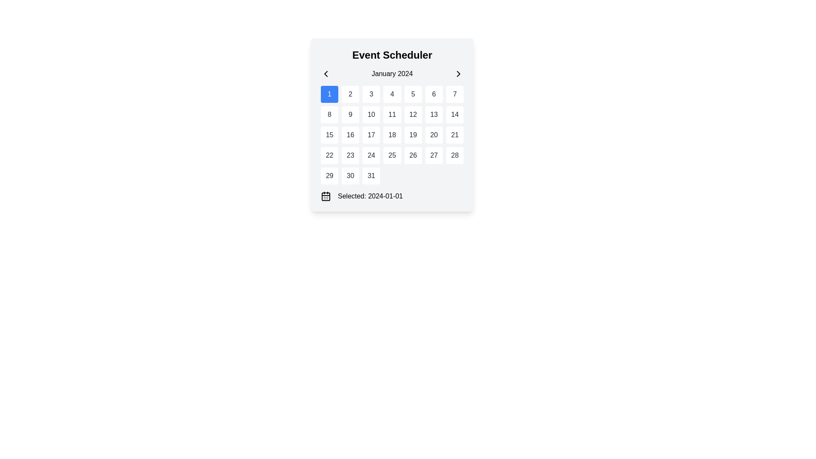 The width and height of the screenshot is (816, 459). Describe the element at coordinates (329, 175) in the screenshot. I see `the button-like calendar date item displaying the numeral '29' in the last row, first column of the grid` at that location.